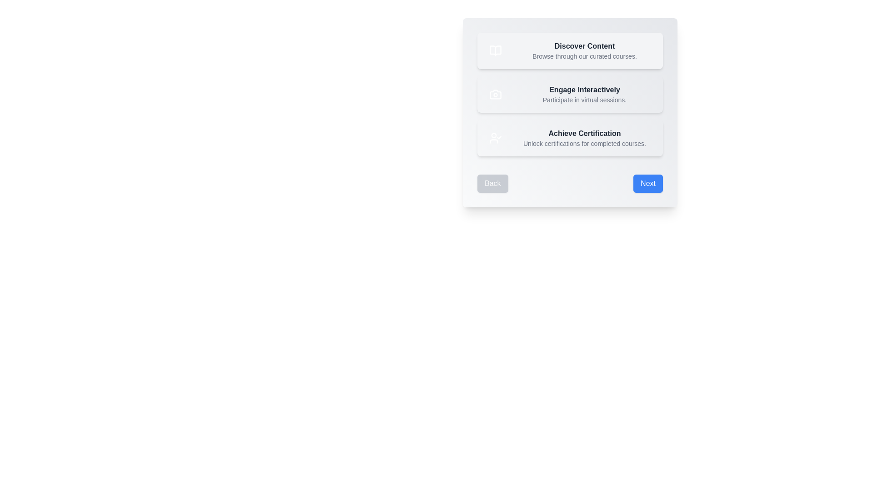  What do you see at coordinates (647, 184) in the screenshot?
I see `'Next' button to proceed to the next step` at bounding box center [647, 184].